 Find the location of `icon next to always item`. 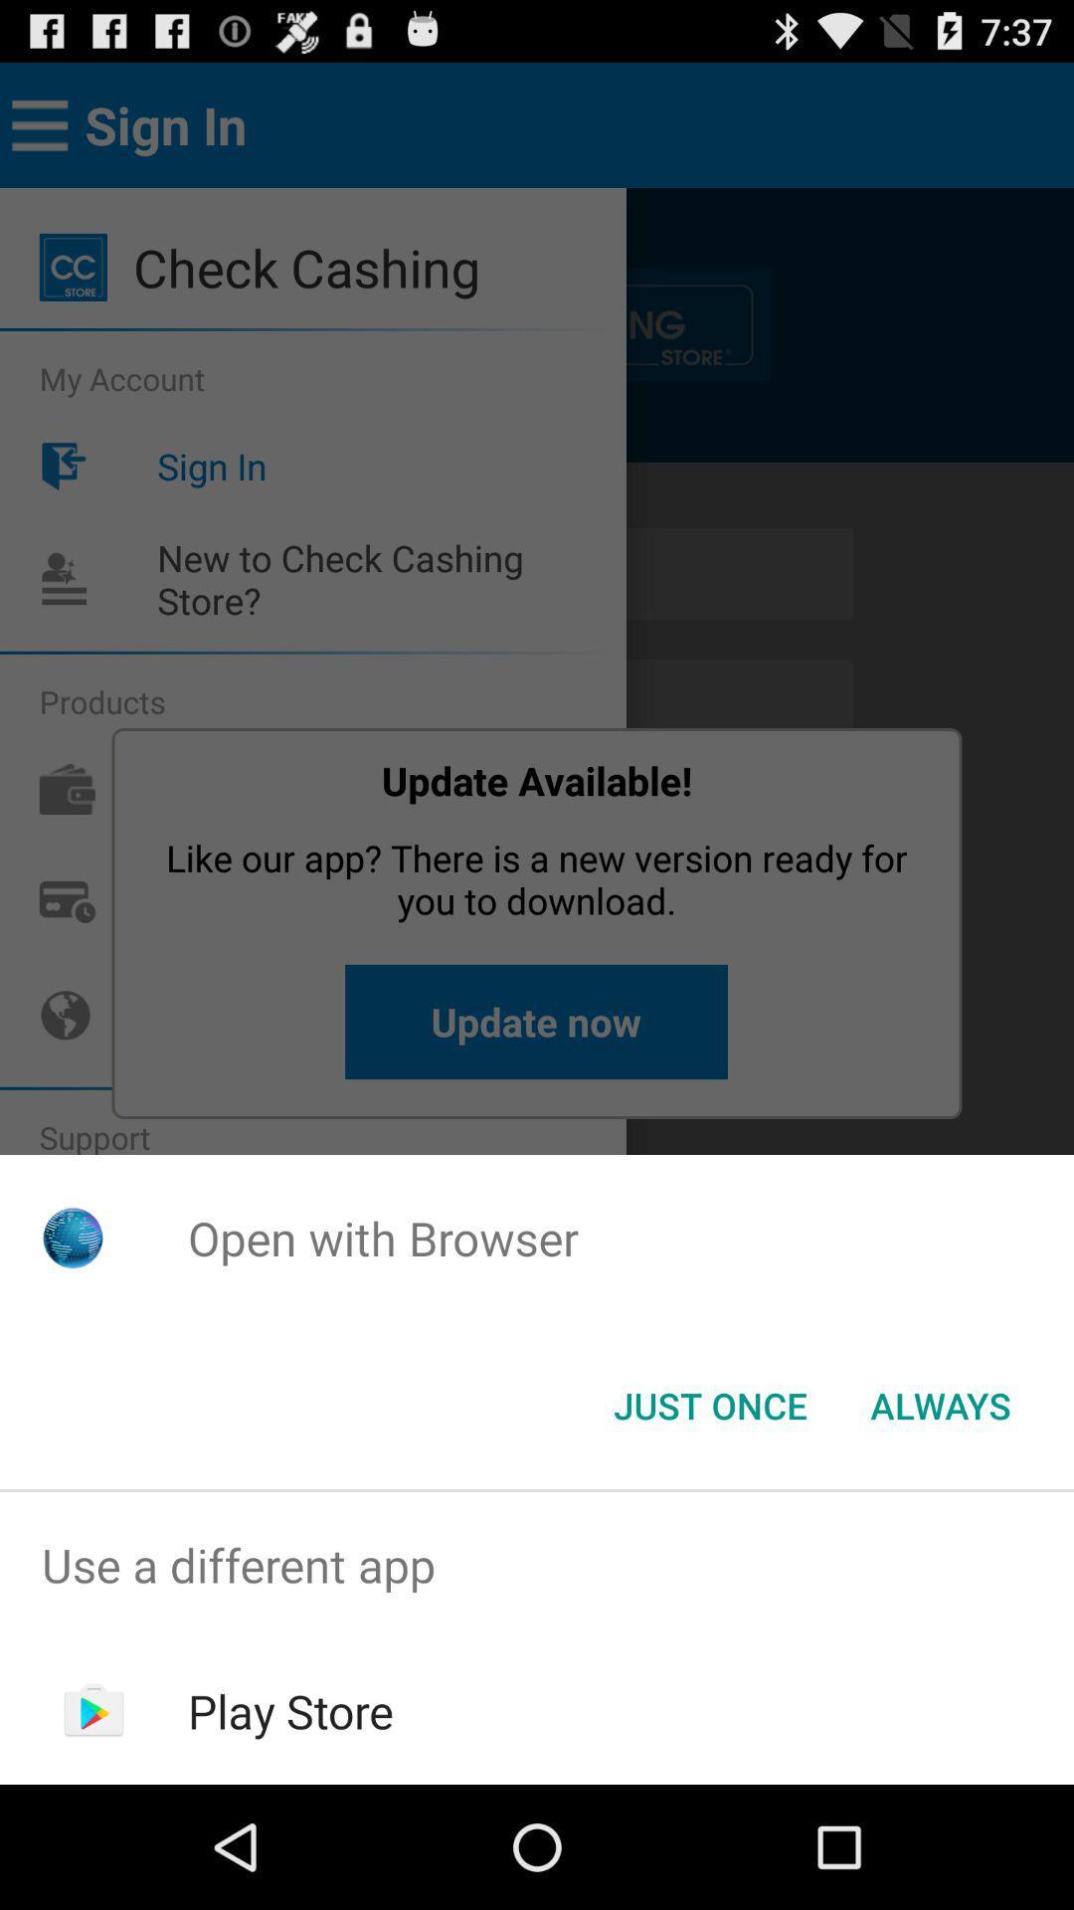

icon next to always item is located at coordinates (709, 1404).